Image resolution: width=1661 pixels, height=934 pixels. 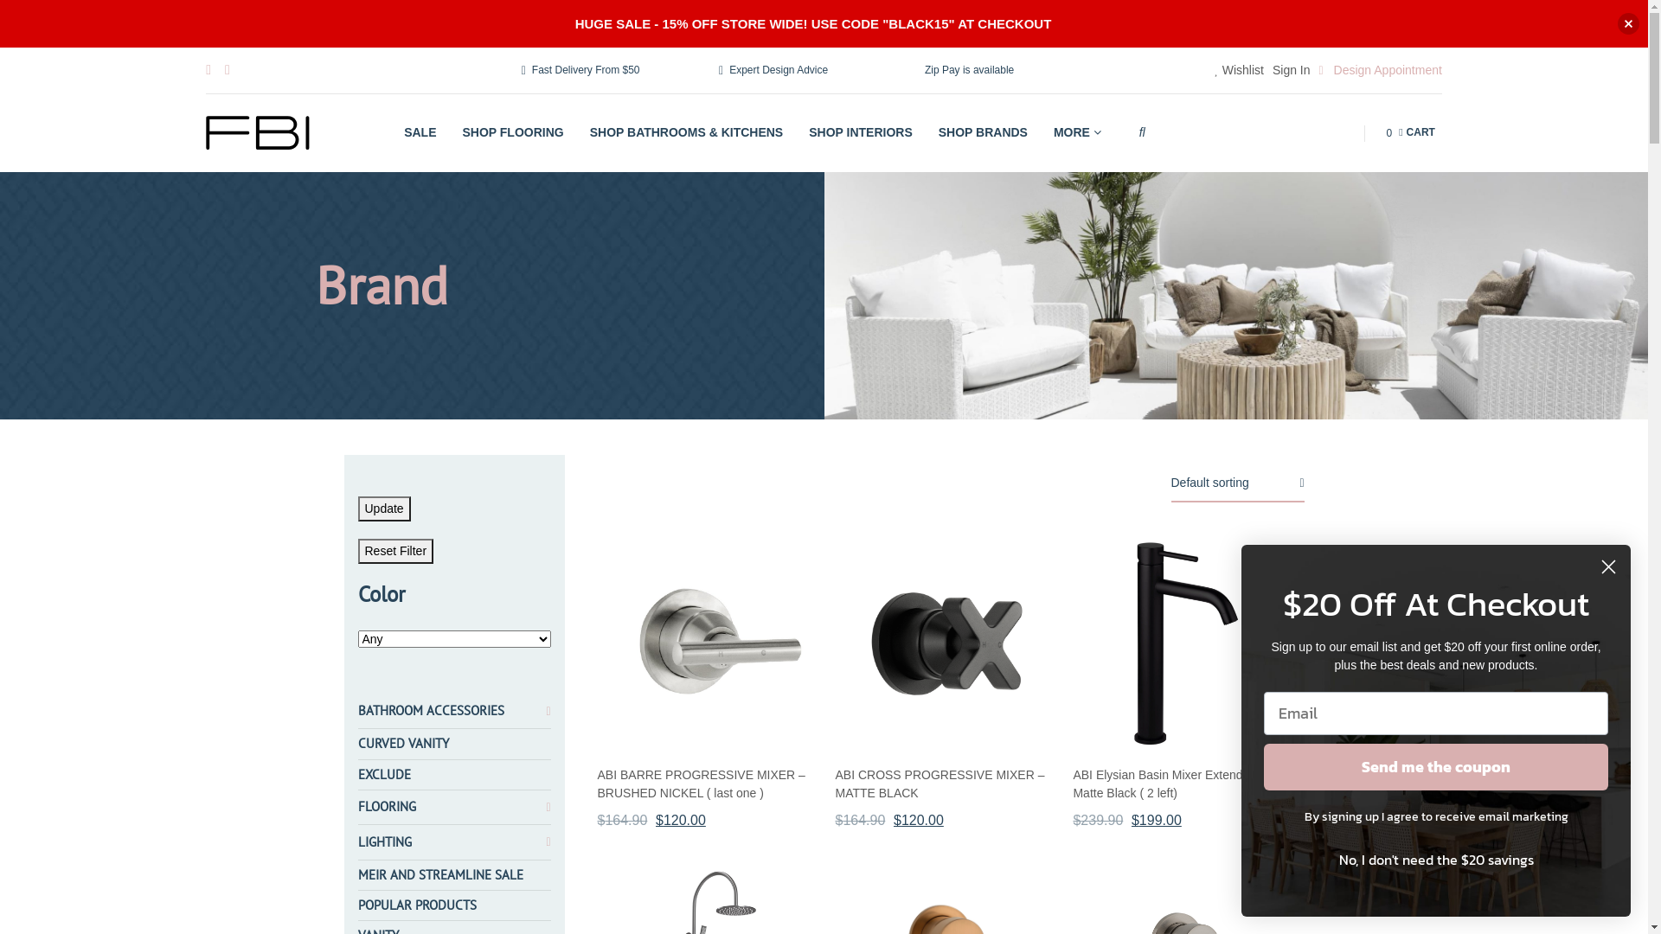 What do you see at coordinates (394, 551) in the screenshot?
I see `'Reset Filter'` at bounding box center [394, 551].